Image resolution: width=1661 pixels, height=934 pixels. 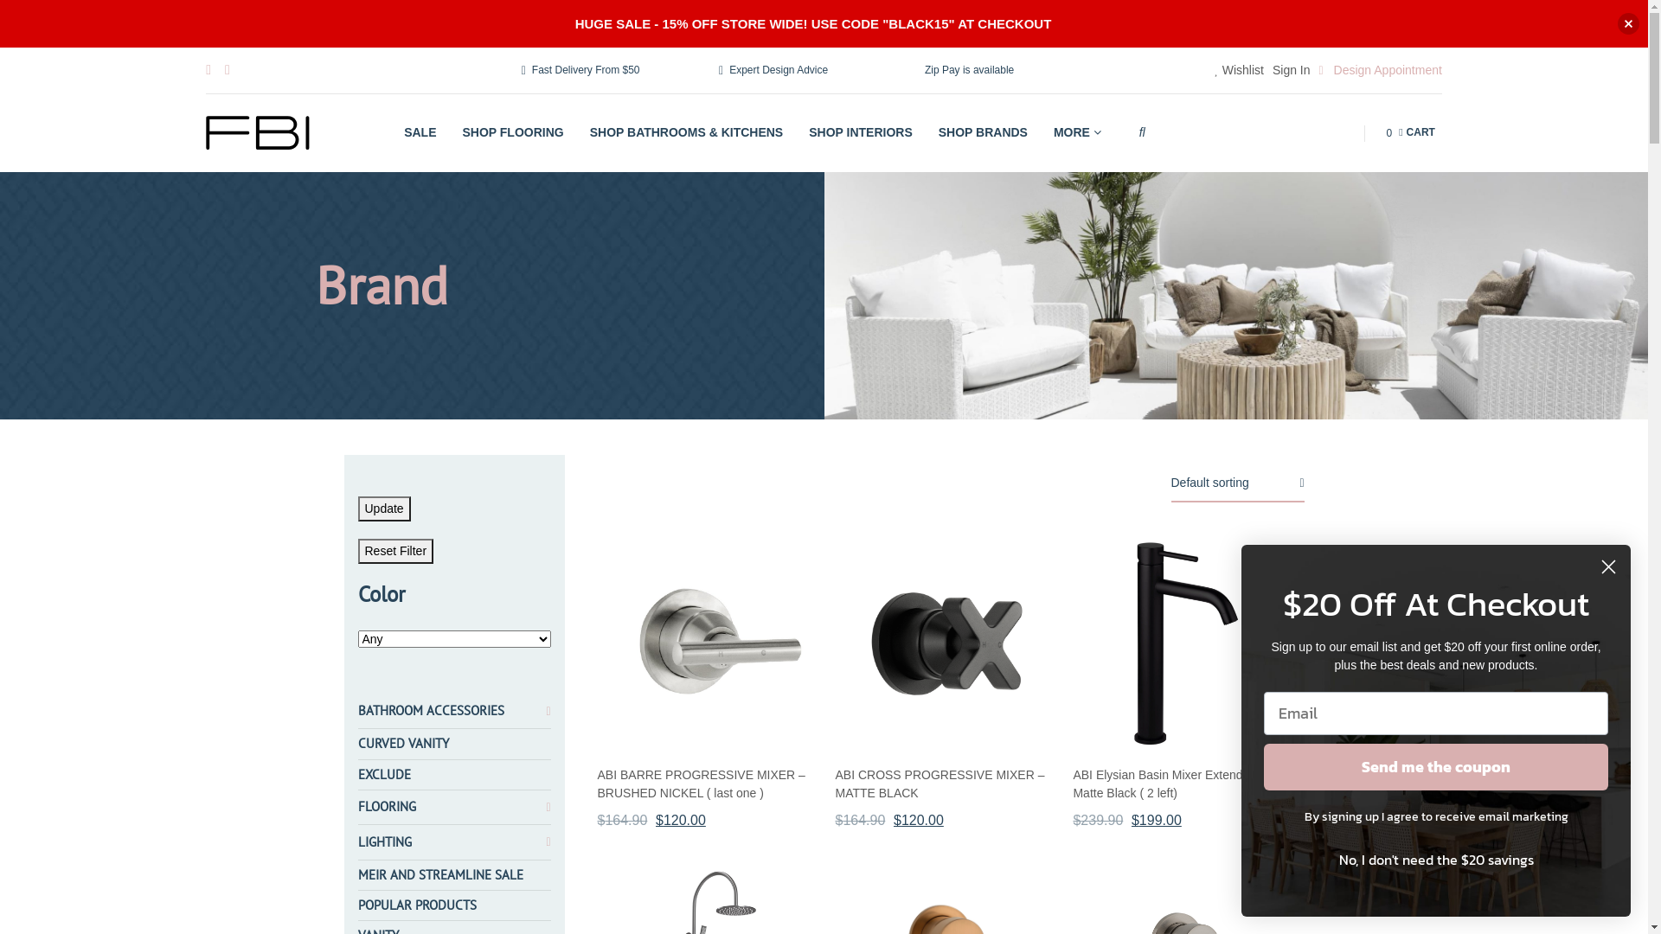 What do you see at coordinates (394, 551) in the screenshot?
I see `'Reset Filter'` at bounding box center [394, 551].